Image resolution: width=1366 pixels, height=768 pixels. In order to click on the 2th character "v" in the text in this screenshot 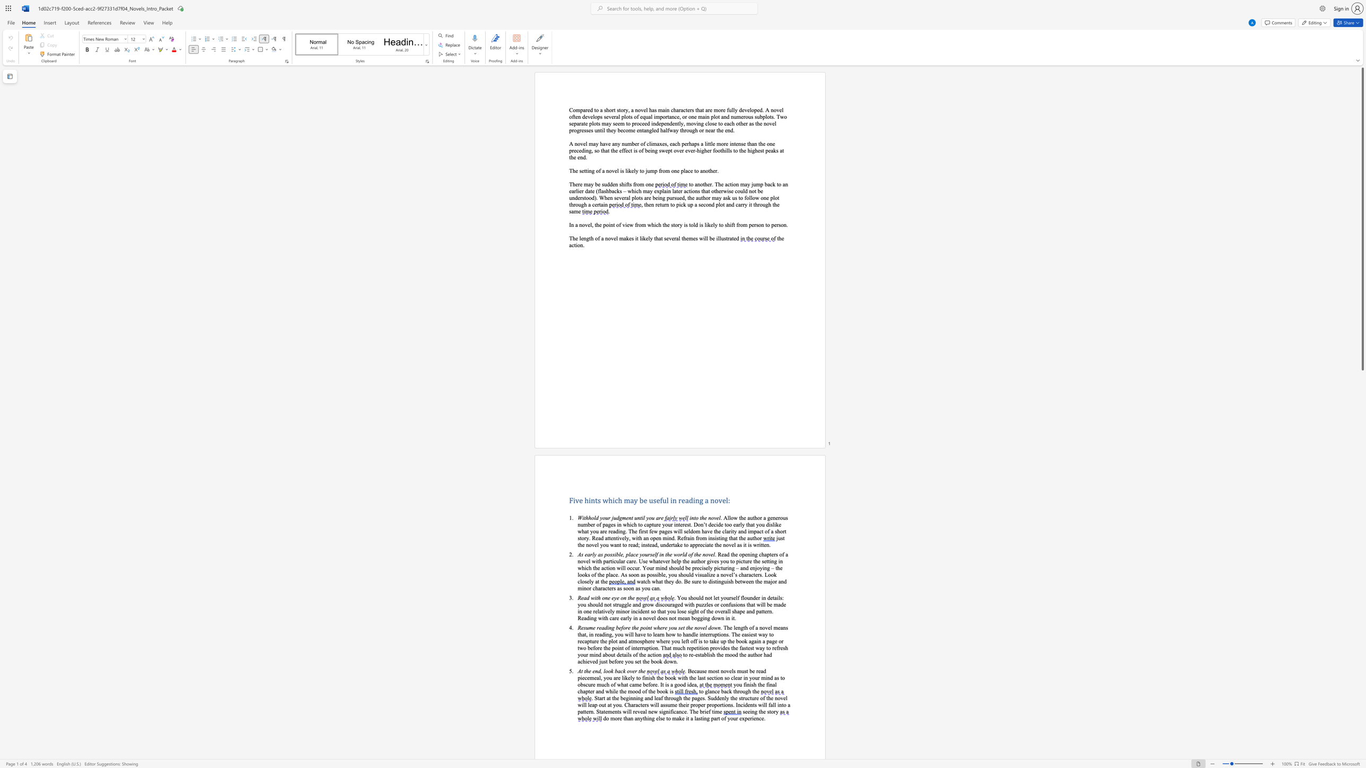, I will do `click(730, 544)`.